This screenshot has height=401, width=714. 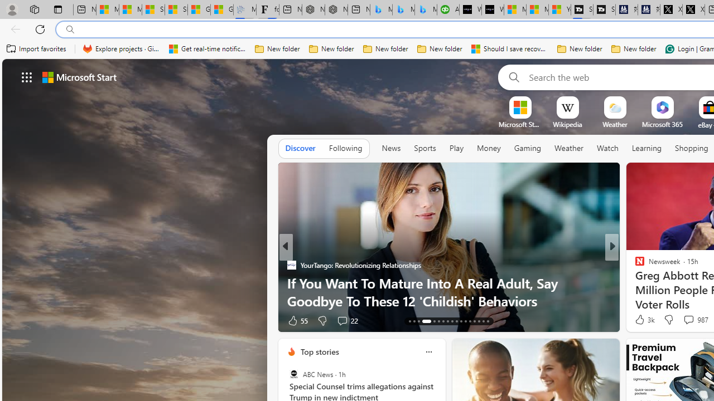 I want to click on 'Should I save recovered Word documents? - Microsoft Support', so click(x=509, y=48).